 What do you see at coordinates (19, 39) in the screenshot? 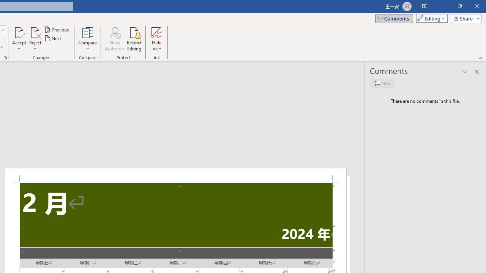
I see `'Accept'` at bounding box center [19, 39].